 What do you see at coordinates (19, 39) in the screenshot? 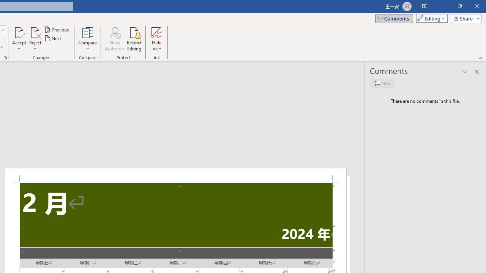
I see `'Accept'` at bounding box center [19, 39].